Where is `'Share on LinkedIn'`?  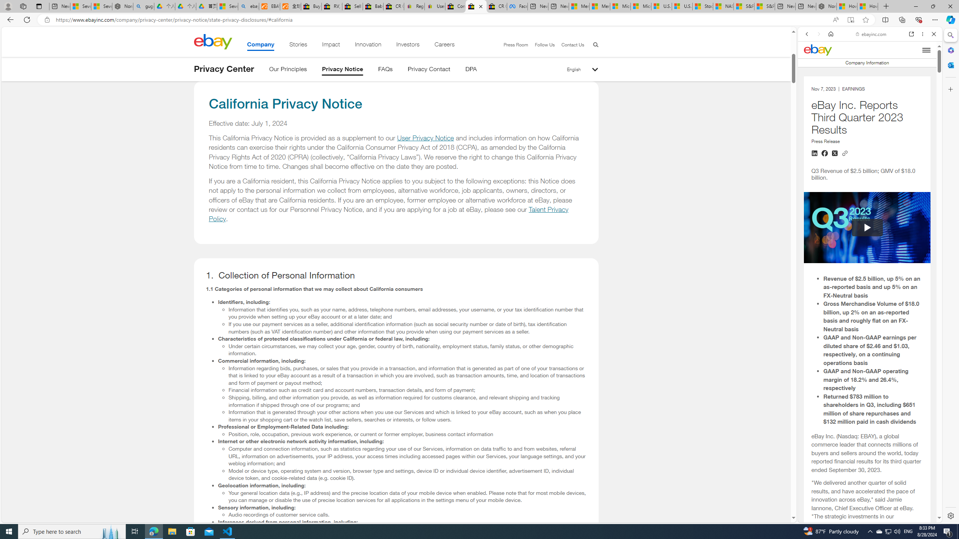
'Share on LinkedIn' is located at coordinates (814, 153).